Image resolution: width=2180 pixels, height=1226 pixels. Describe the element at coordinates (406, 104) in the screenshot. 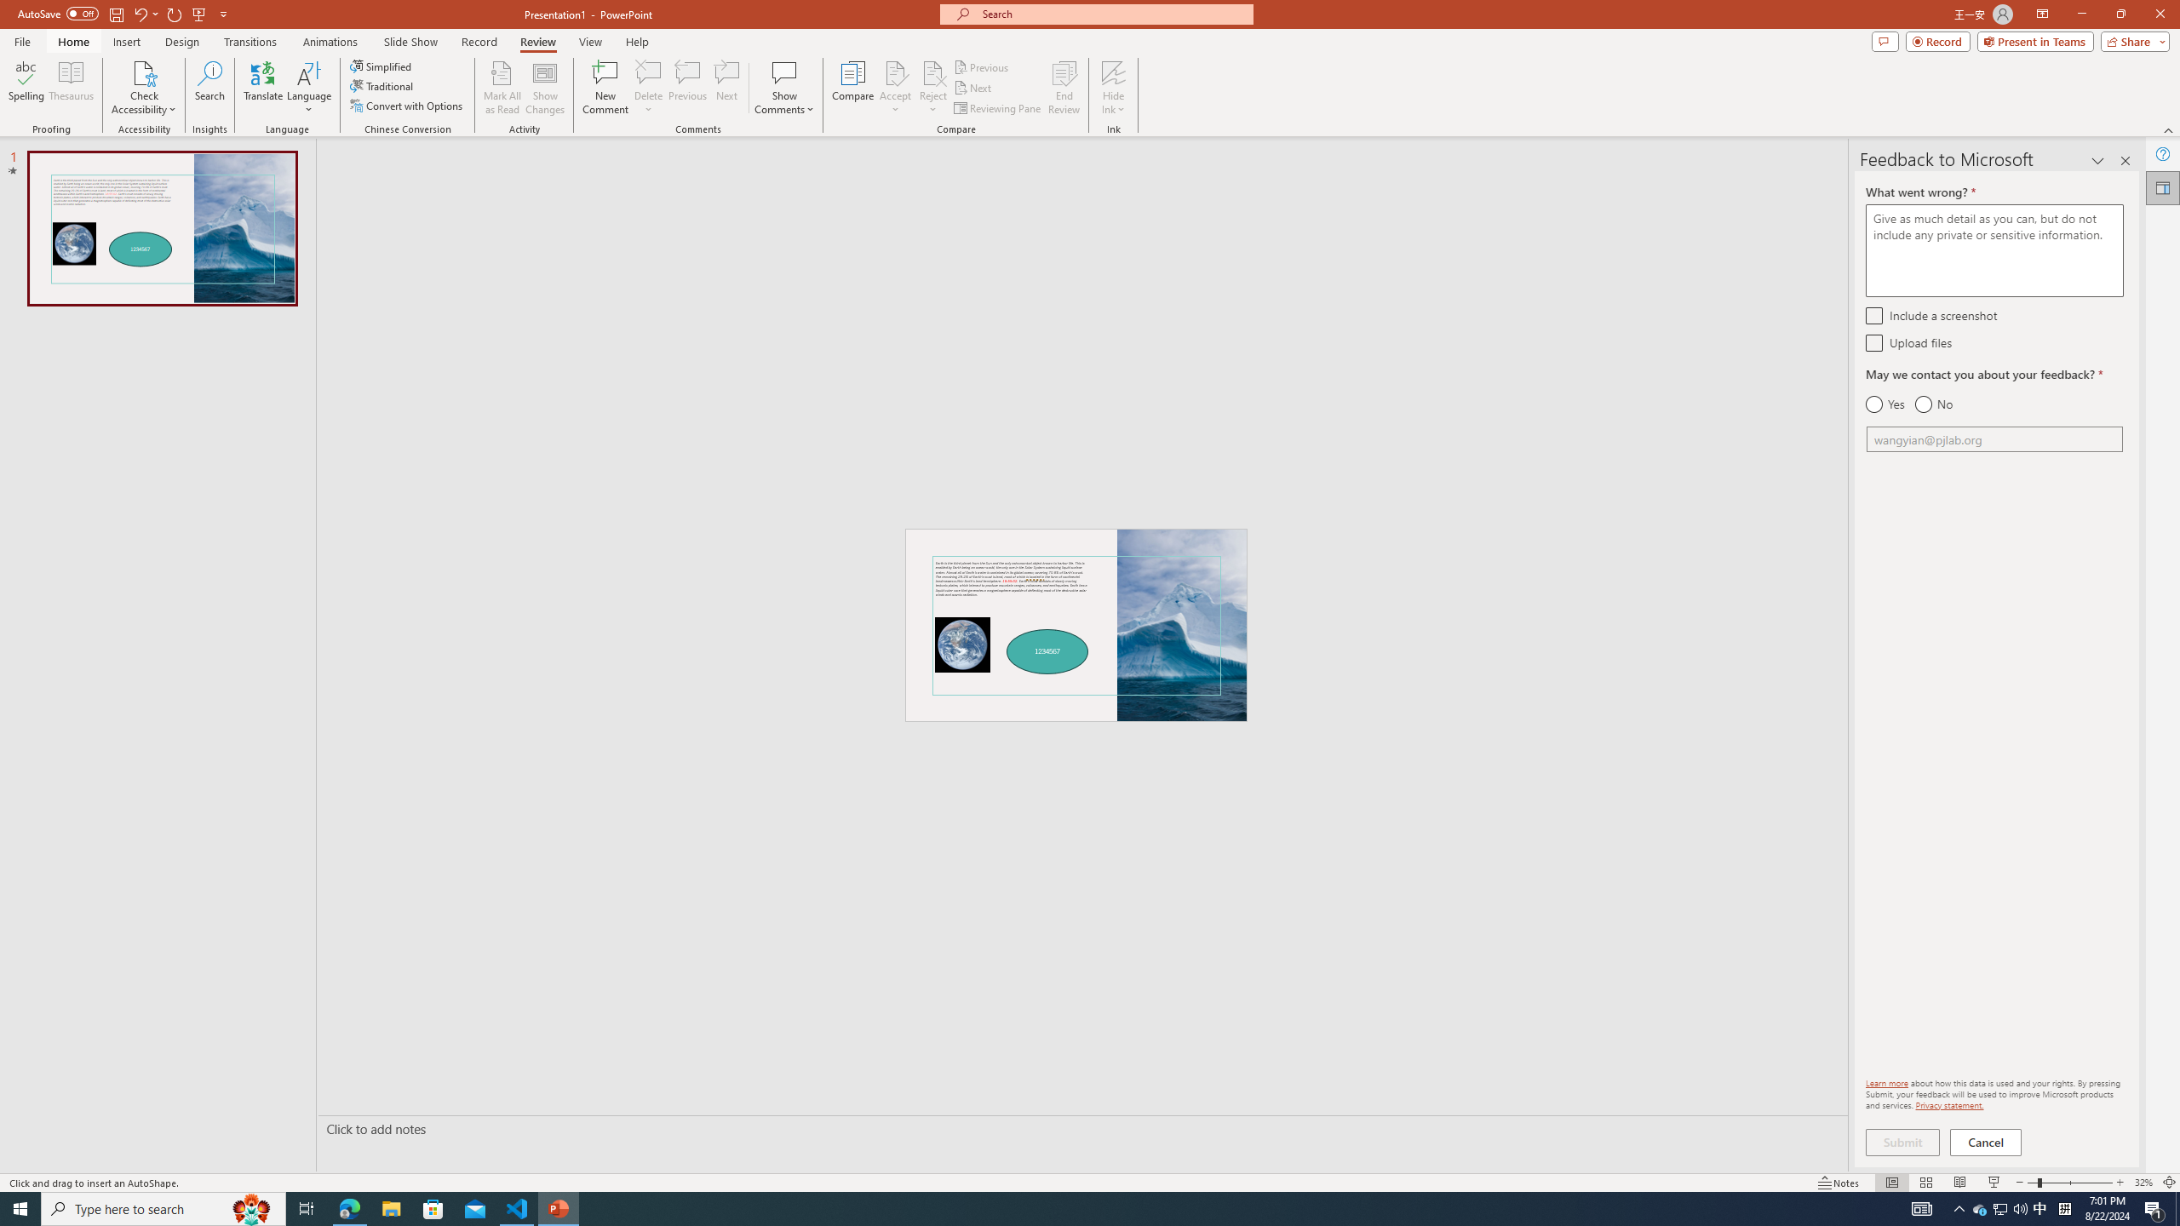

I see `'Convert with Options...'` at that location.